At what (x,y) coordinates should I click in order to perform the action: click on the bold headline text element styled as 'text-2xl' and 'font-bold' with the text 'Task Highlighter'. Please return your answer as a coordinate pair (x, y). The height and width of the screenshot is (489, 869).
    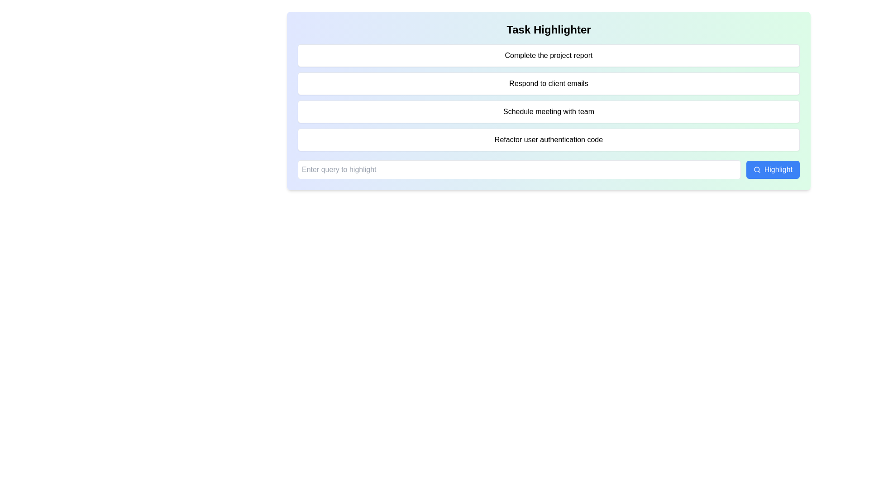
    Looking at the image, I should click on (548, 29).